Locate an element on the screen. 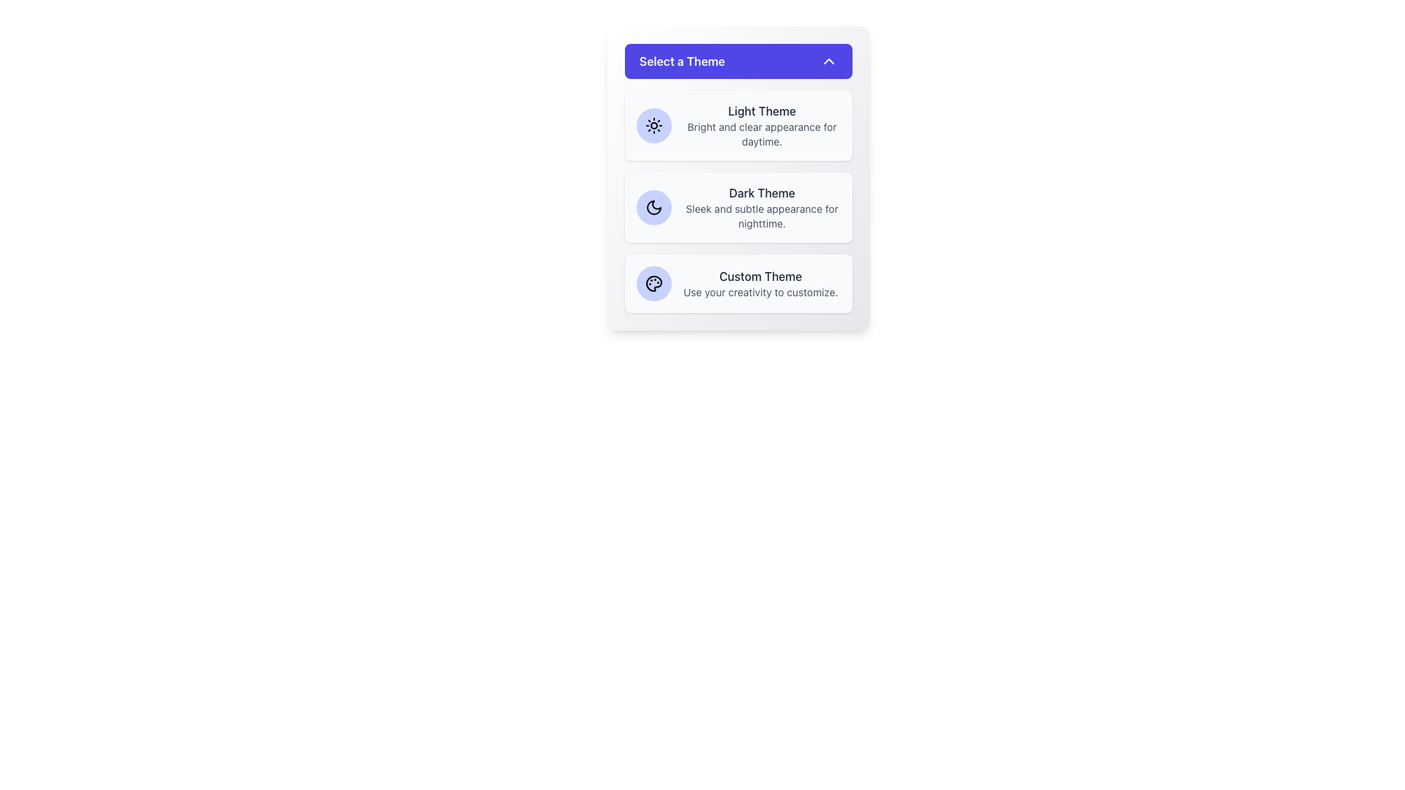 The width and height of the screenshot is (1405, 790). the sun icon representing the light theme selection in the theme picker dropdown menu, located at the top of the theme options list is located at coordinates (653, 125).